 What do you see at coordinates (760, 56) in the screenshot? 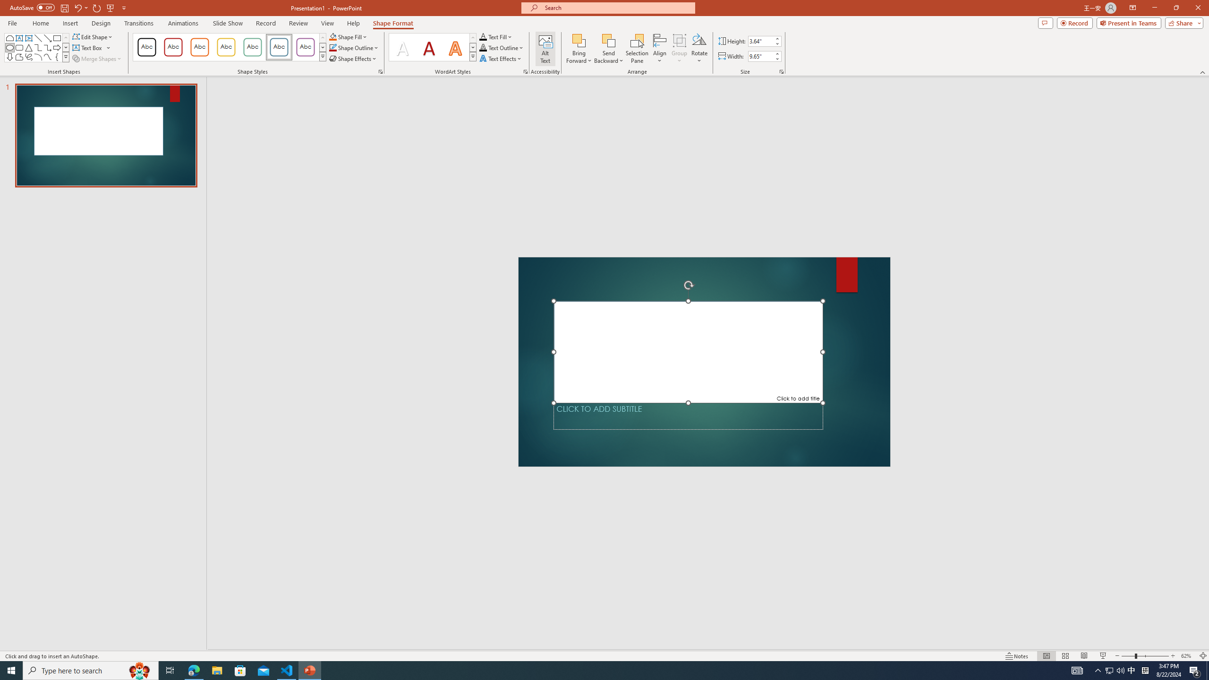
I see `'Shape Width'` at bounding box center [760, 56].